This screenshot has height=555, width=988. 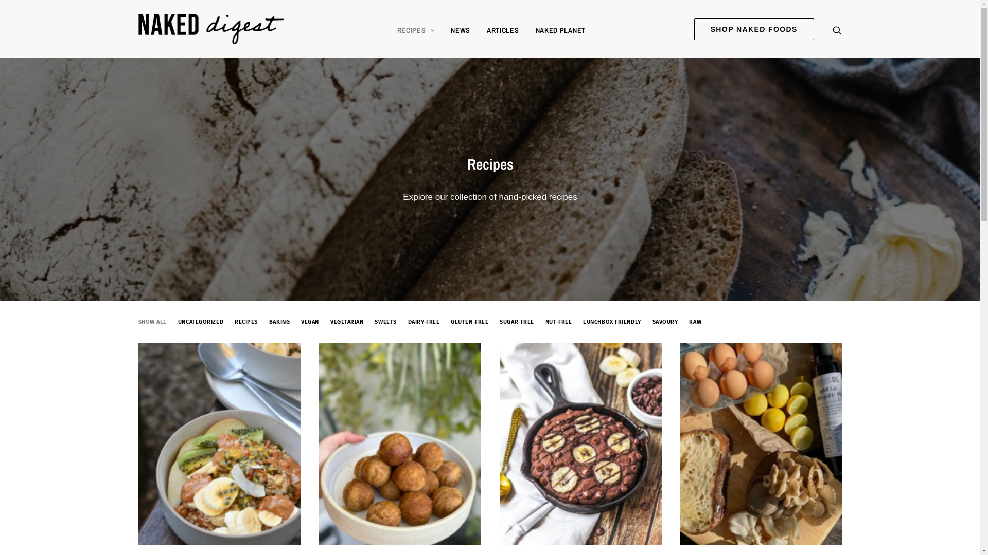 What do you see at coordinates (517, 321) in the screenshot?
I see `'SUGAR-FREE'` at bounding box center [517, 321].